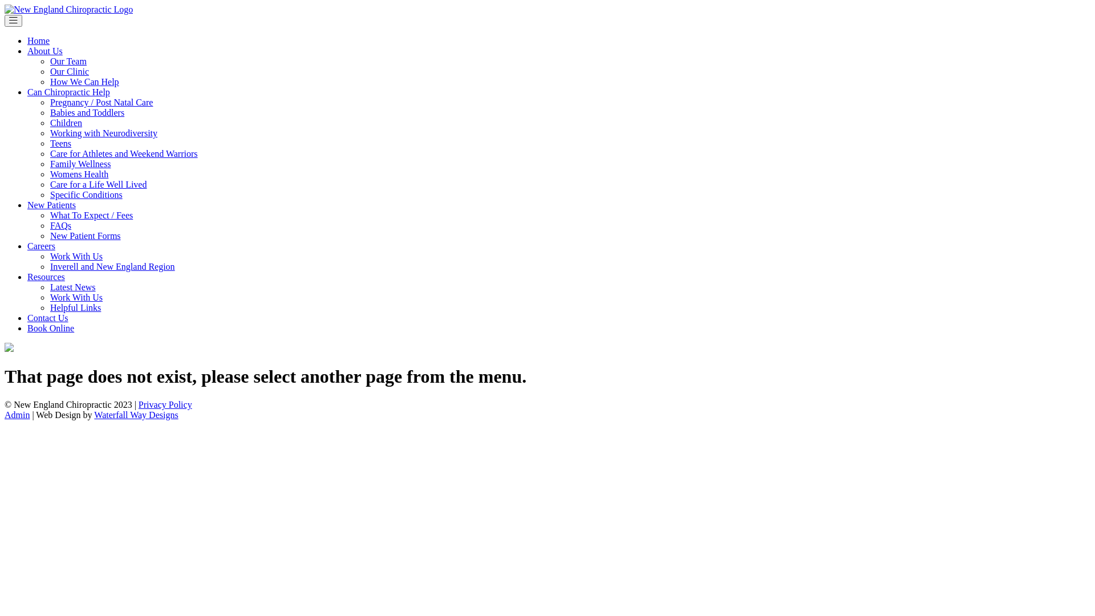 The width and height of the screenshot is (1095, 616). Describe the element at coordinates (76, 297) in the screenshot. I see `'Work With Us'` at that location.